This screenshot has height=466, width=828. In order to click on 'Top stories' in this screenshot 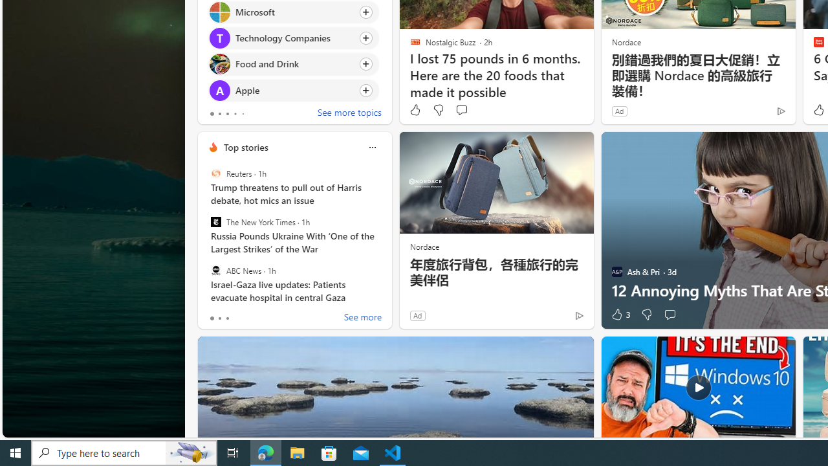, I will do `click(246, 146)`.